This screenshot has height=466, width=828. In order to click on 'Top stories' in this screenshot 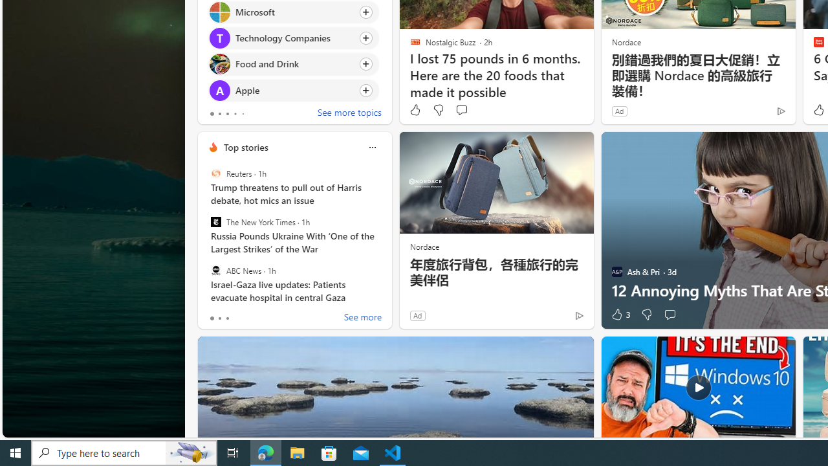, I will do `click(246, 146)`.